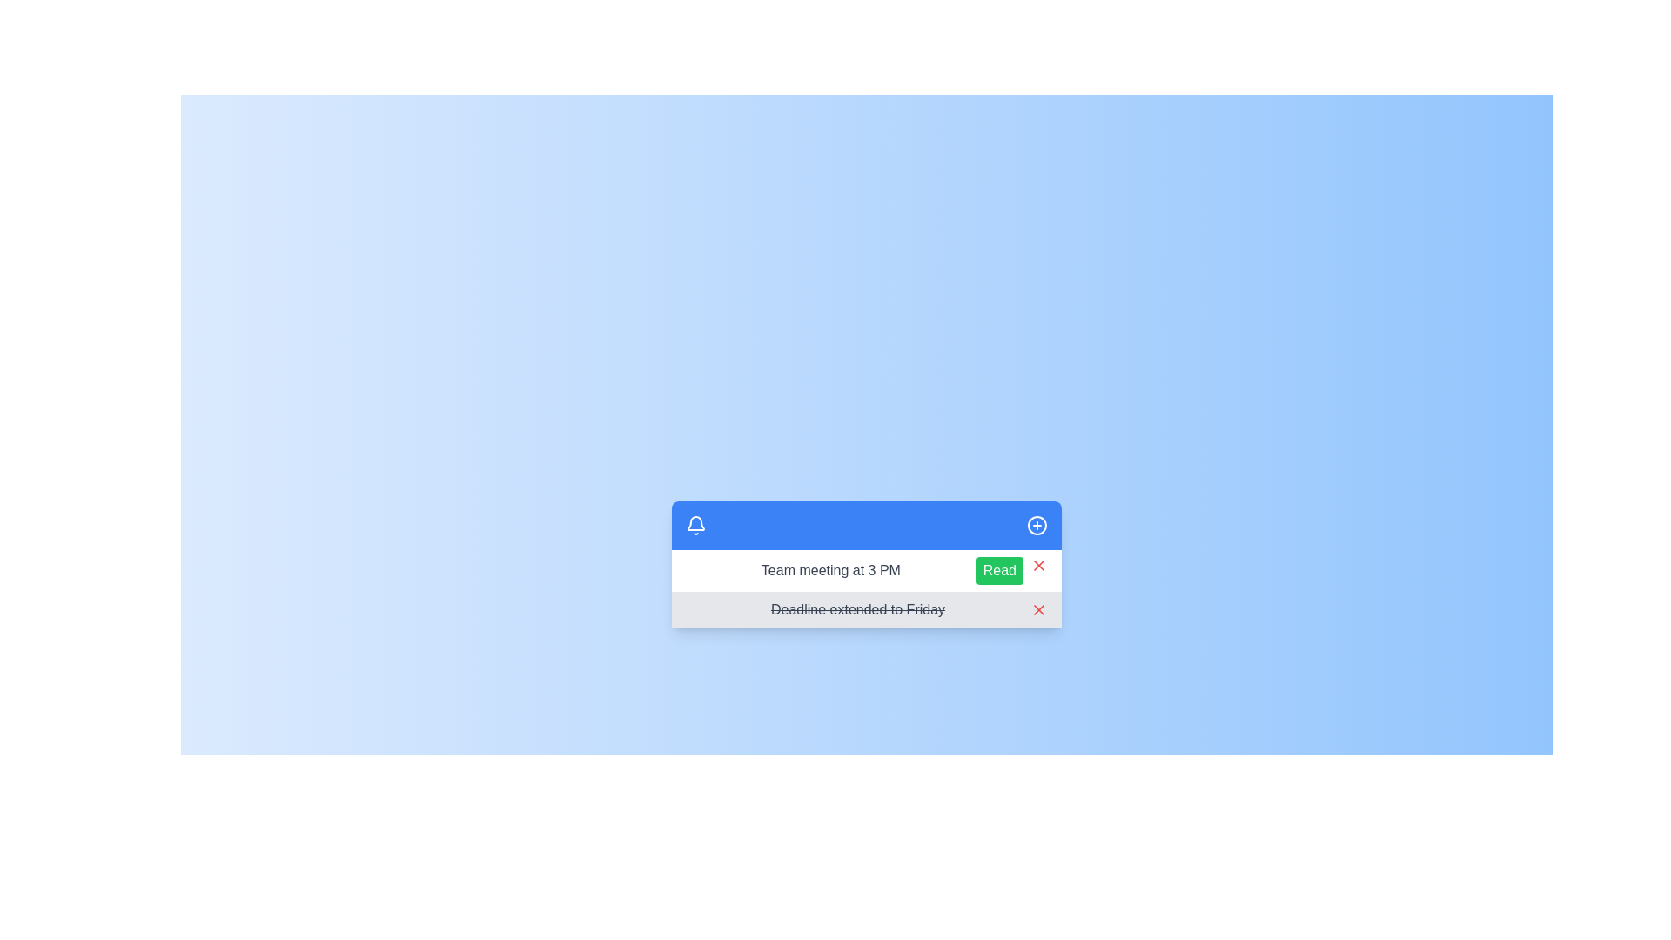  What do you see at coordinates (1011, 570) in the screenshot?
I see `the green 'Read' button with white text located on the right side of the notification card beneath the title 'Team meeting at 3 PM' to mark the notification as read` at bounding box center [1011, 570].